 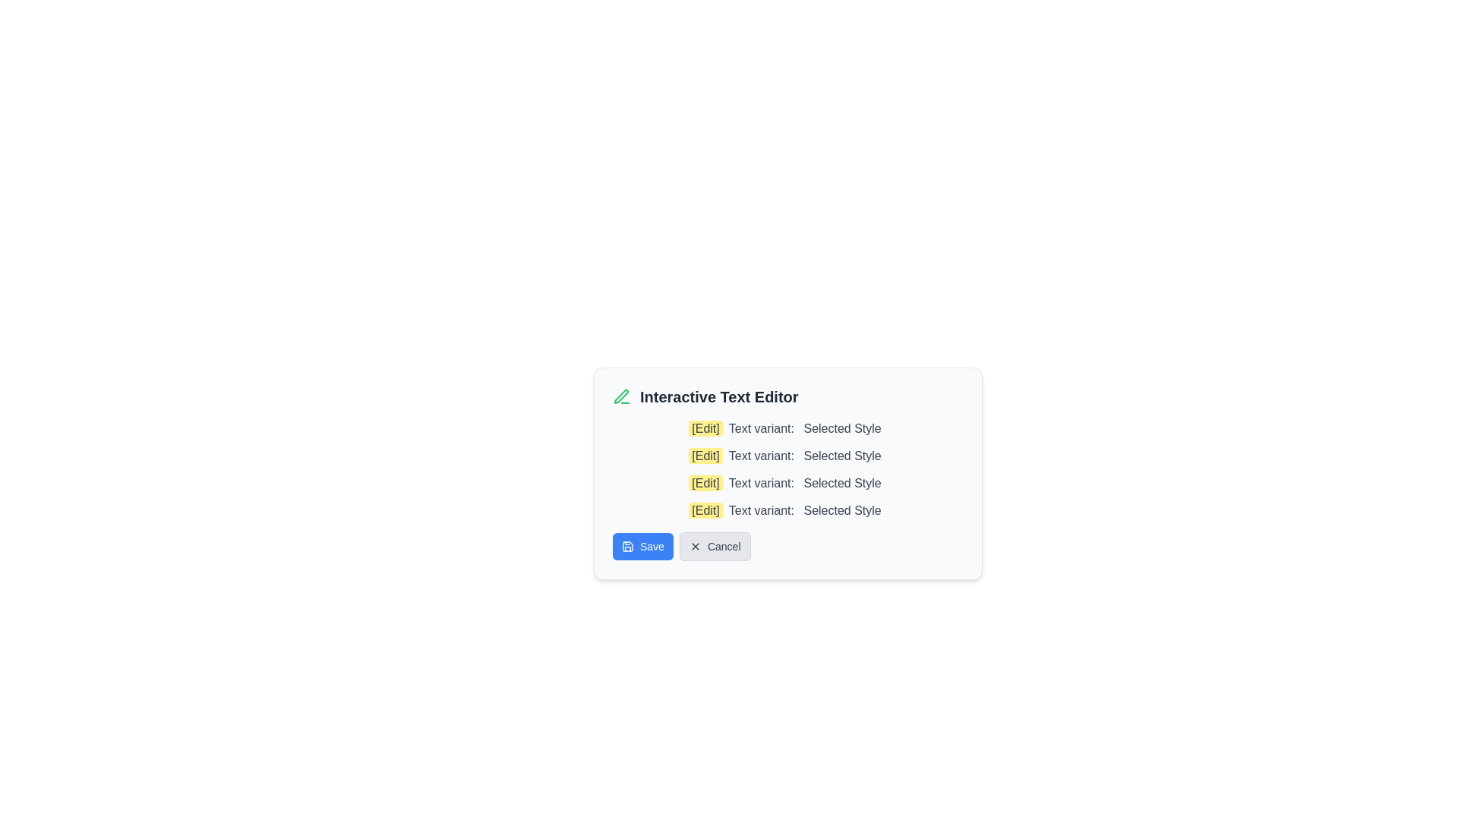 I want to click on the small save icon, styled as a minimalist floppy disk, located to the left of the text 'Save' in the bottom-left corner of the modal dialog box, so click(x=627, y=547).